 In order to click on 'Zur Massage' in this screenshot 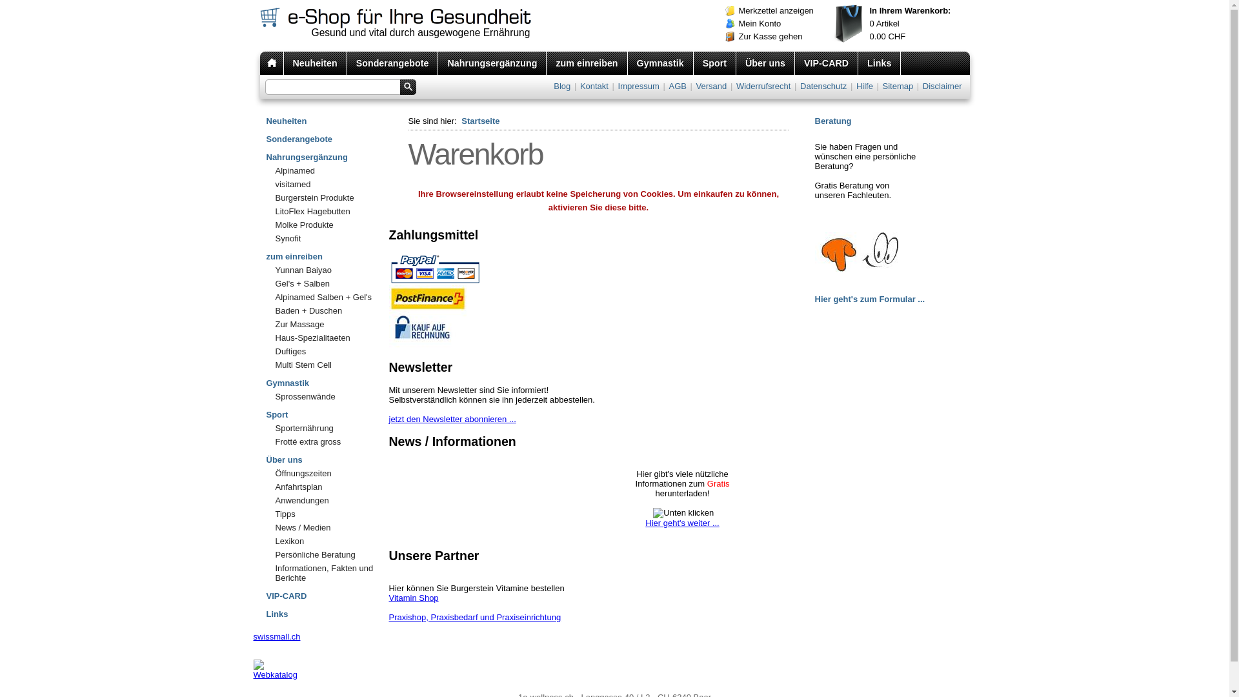, I will do `click(327, 323)`.